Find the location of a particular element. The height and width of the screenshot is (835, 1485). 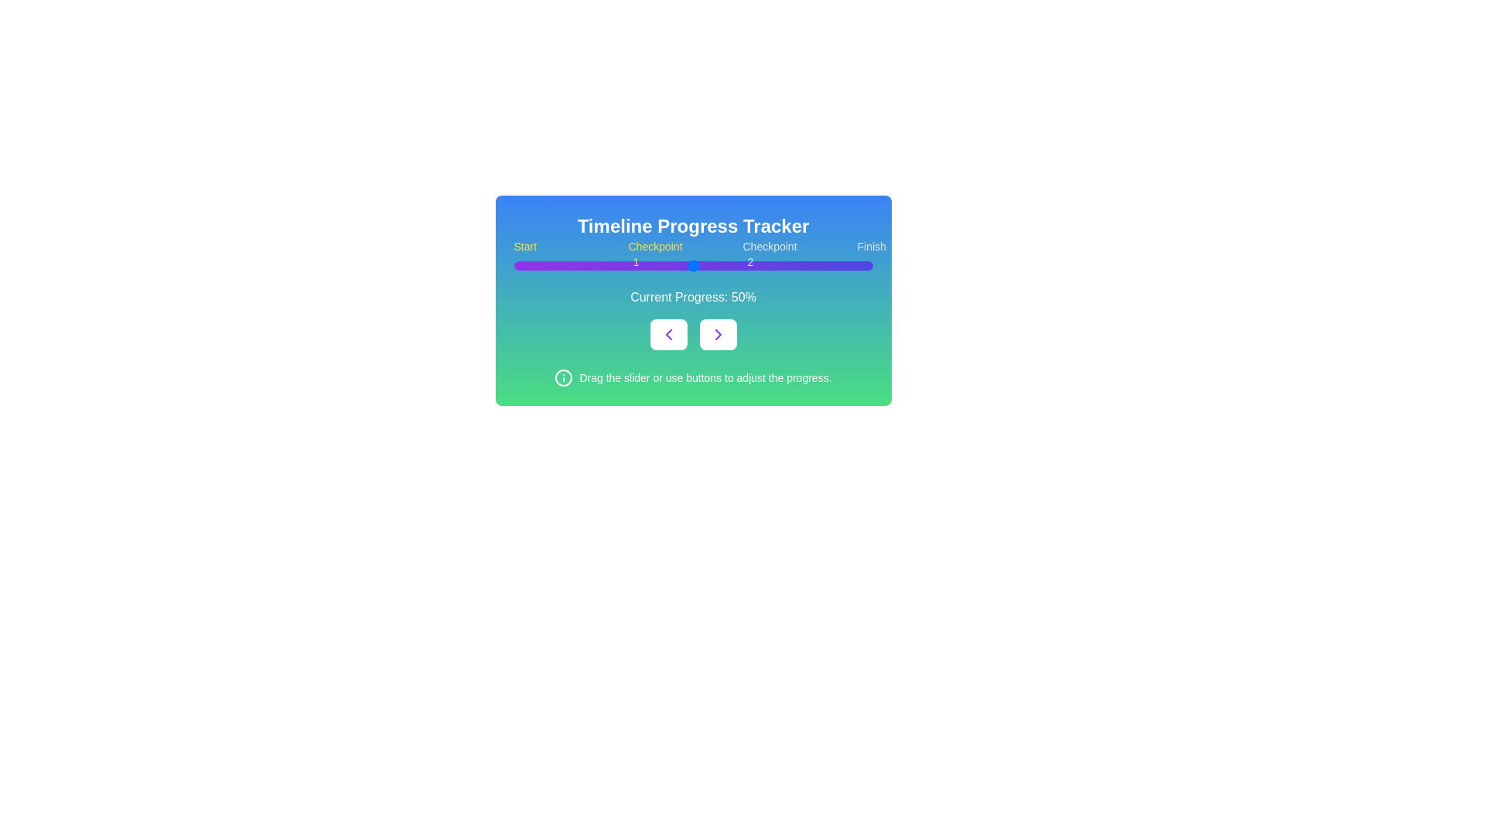

progress on the slider is located at coordinates (599, 264).